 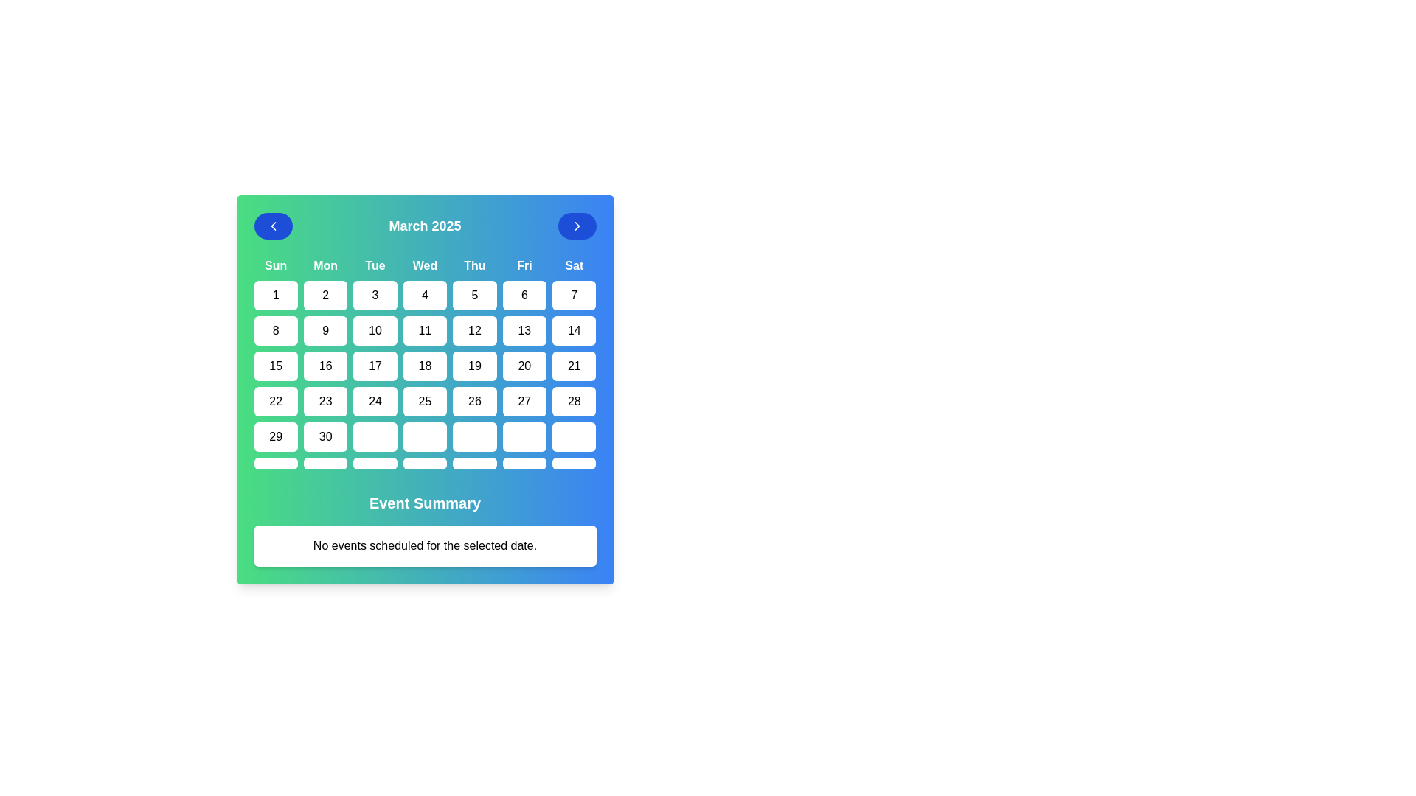 What do you see at coordinates (375, 329) in the screenshot?
I see `the rounded rectangular button with a white background and black text '10' located in the March 2025 calendar grid under the day label 'Tue' to change its background to green` at bounding box center [375, 329].